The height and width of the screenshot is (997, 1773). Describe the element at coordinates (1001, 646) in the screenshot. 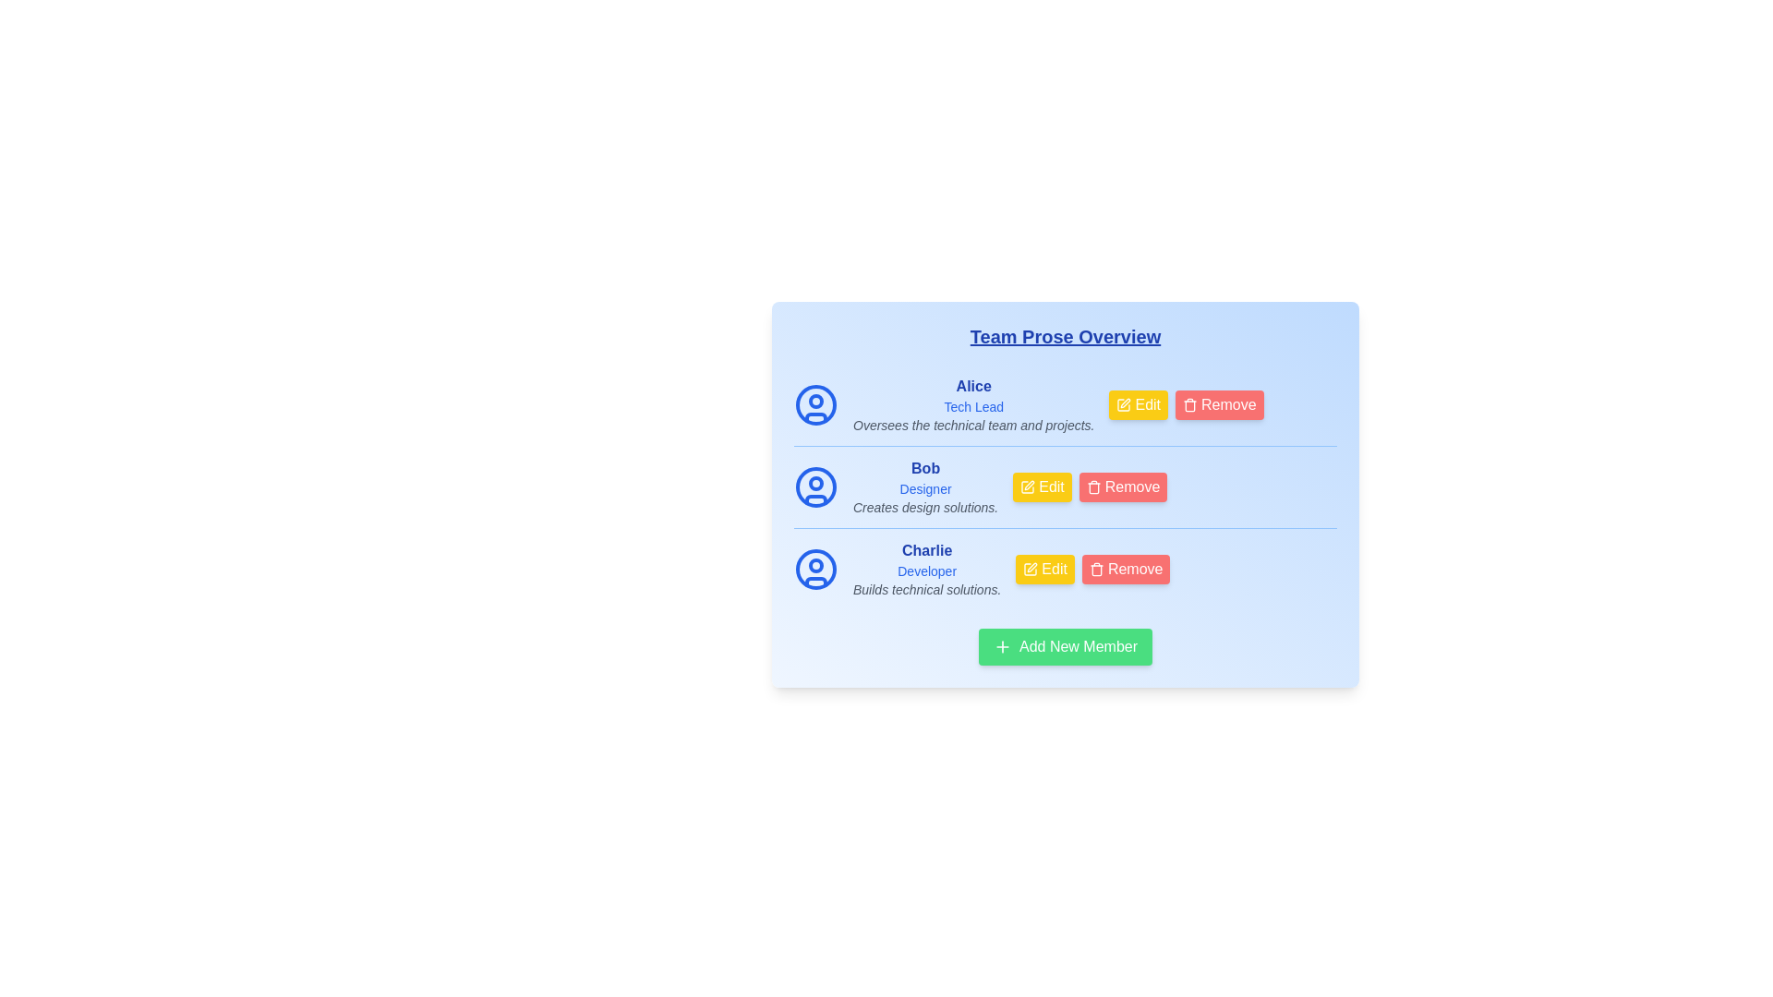

I see `the 'Add' SVG icon within the 'Add New Member' button to potentially reveal tooltip information` at that location.